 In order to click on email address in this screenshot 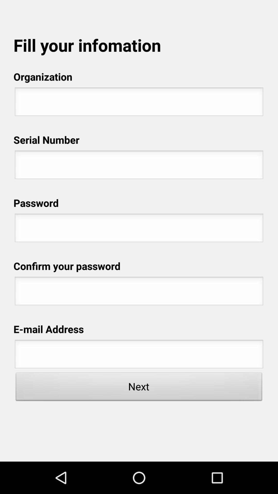, I will do `click(139, 355)`.